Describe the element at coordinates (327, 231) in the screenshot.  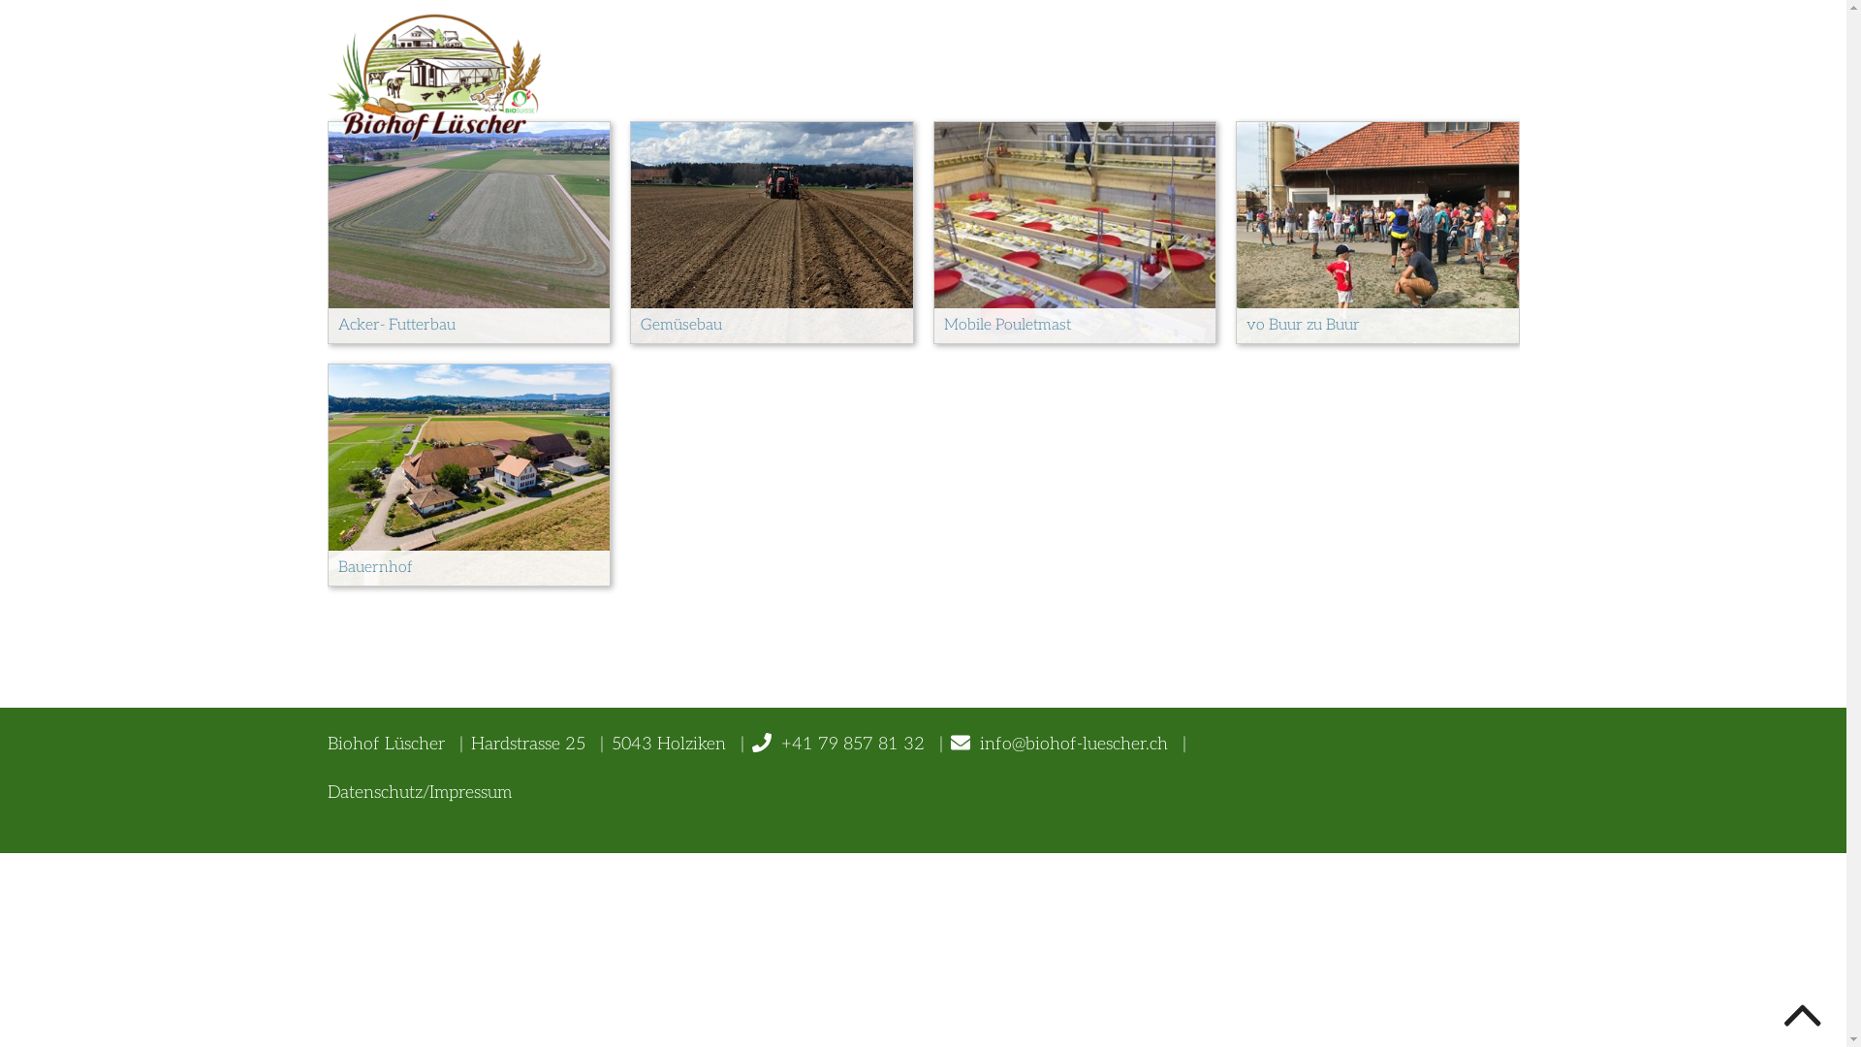
I see `'Acker- Futterbau'` at that location.